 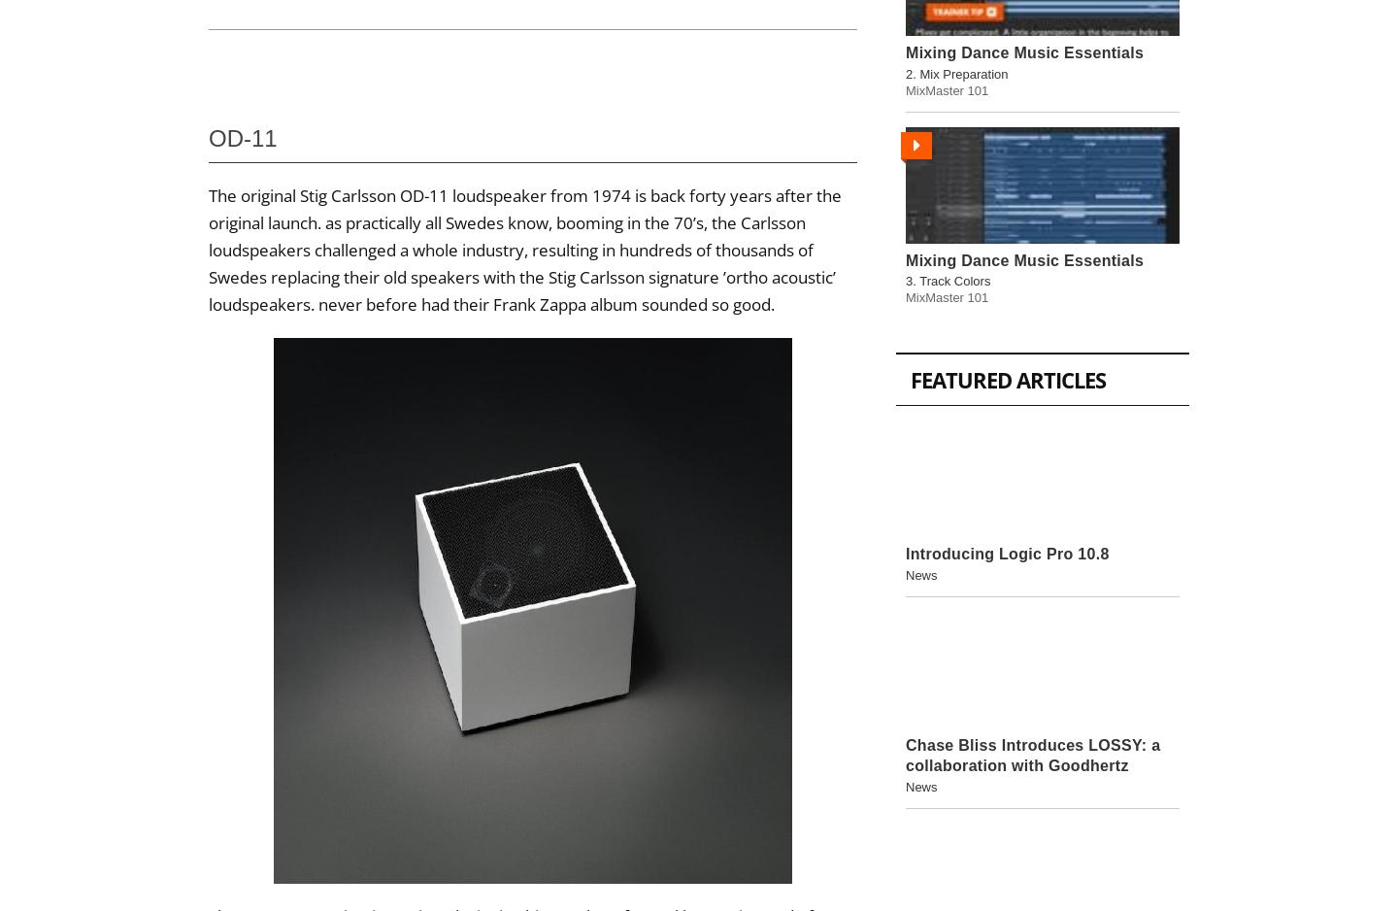 What do you see at coordinates (911, 378) in the screenshot?
I see `'Featured Articles'` at bounding box center [911, 378].